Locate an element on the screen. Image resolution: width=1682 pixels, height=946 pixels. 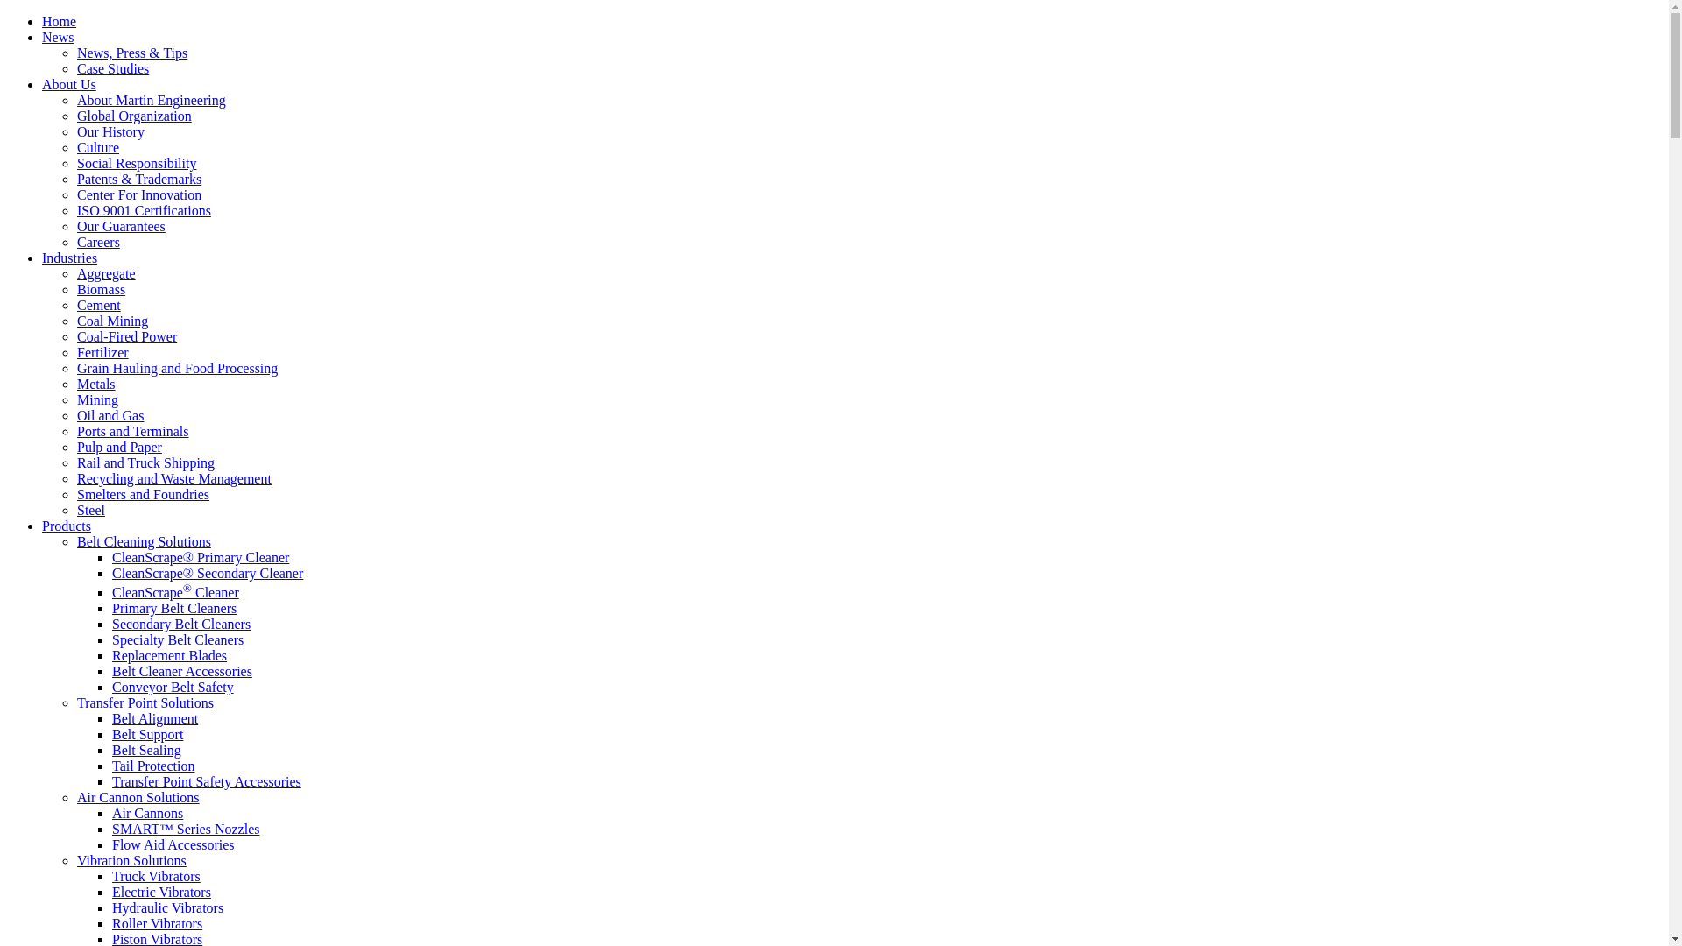
'Belt Cleaner Accessories' is located at coordinates (181, 670).